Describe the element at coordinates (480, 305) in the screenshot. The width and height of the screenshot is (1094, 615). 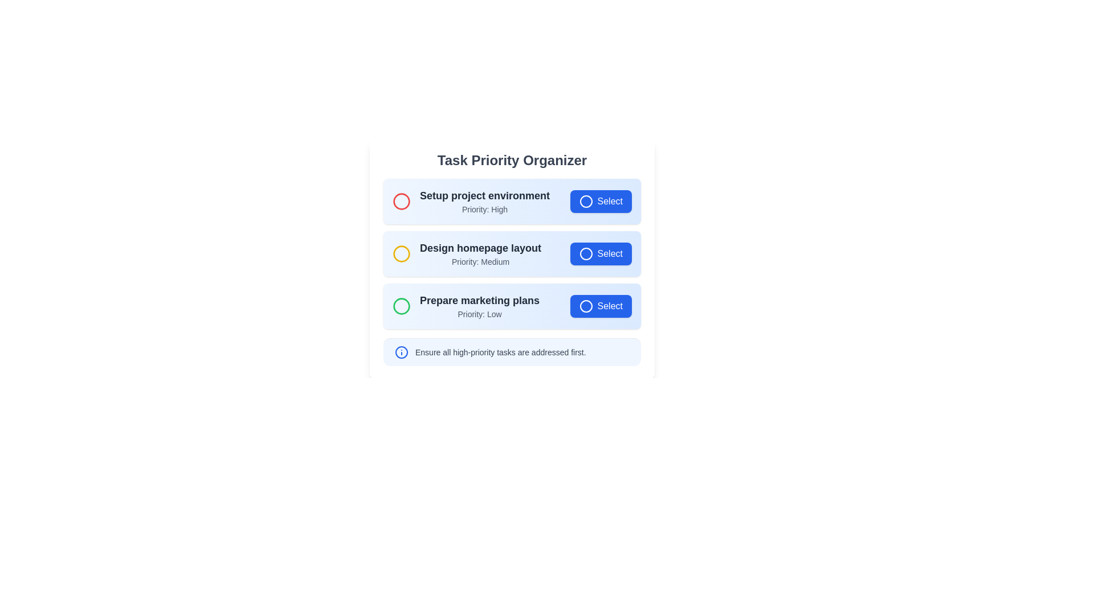
I see `the textual label indicating the task 'Prepare marketing plans' with a priority level of 'Low' in the 'Task Priority Organizer' interface, which is the third item among similar elements` at that location.